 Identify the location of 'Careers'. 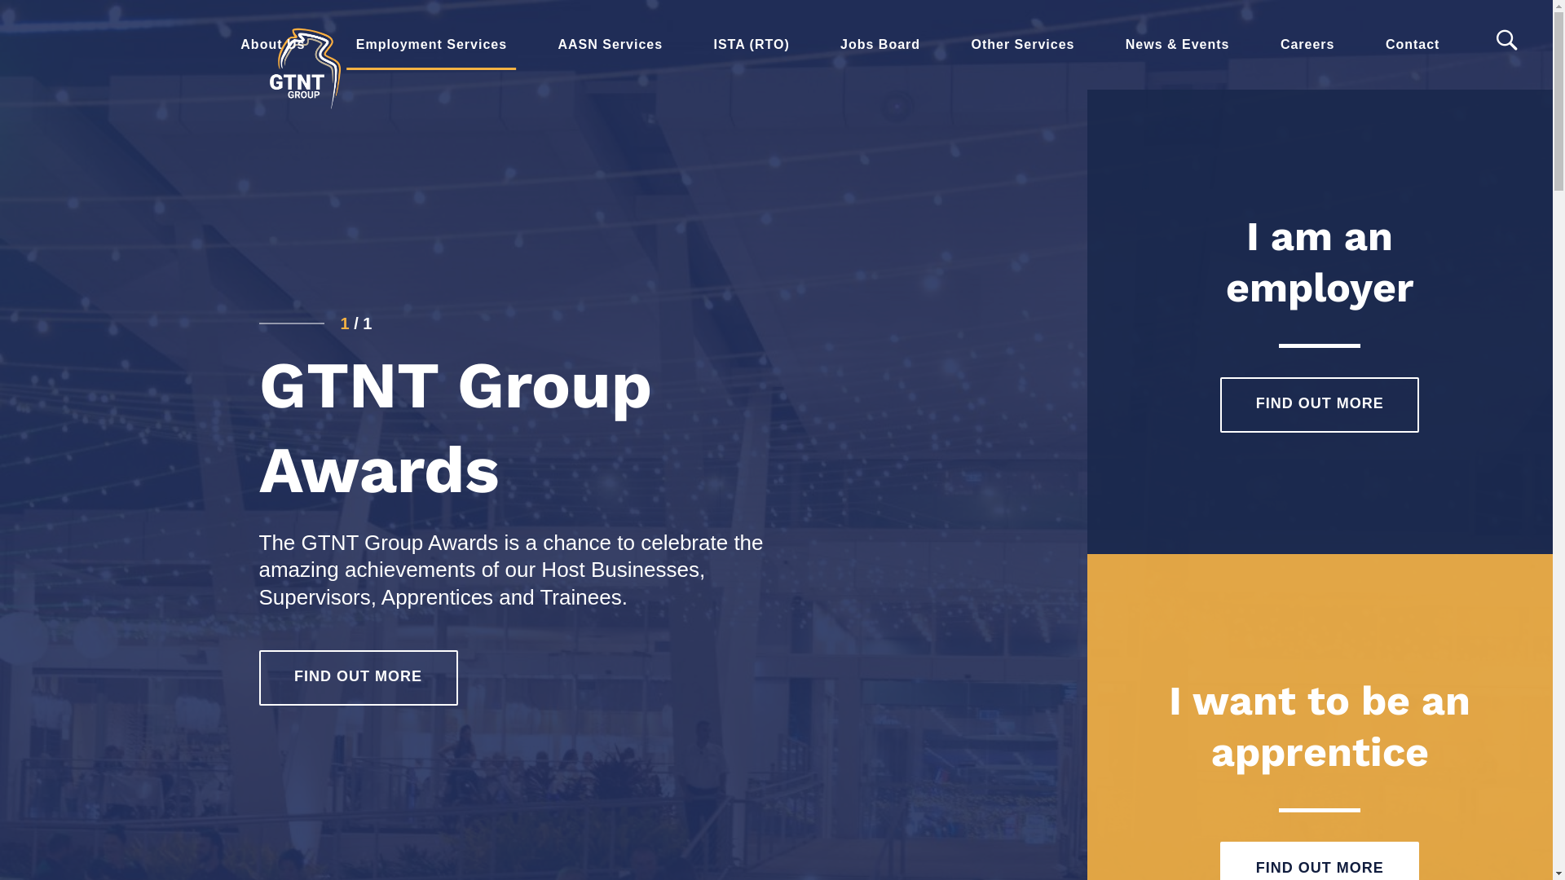
(1307, 43).